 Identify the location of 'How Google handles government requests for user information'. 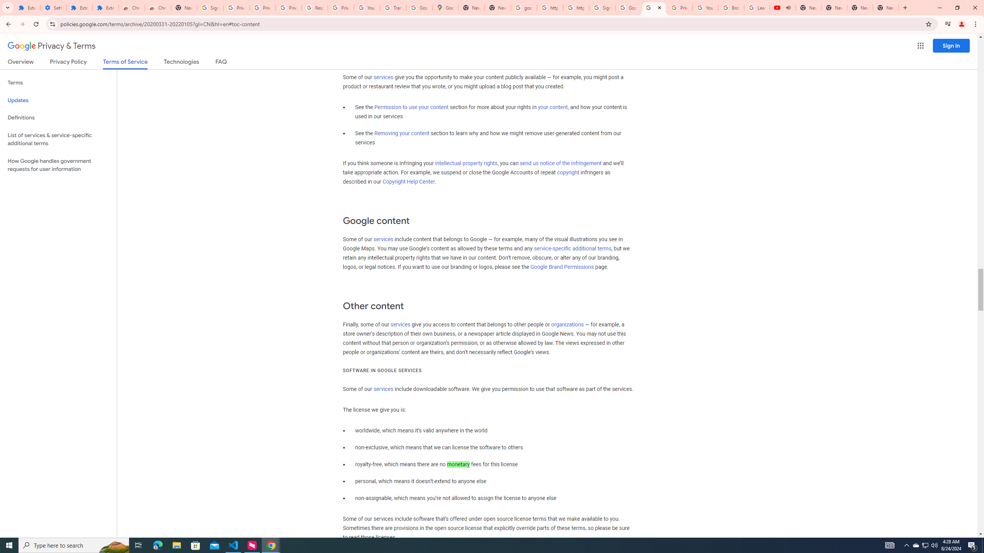
(58, 164).